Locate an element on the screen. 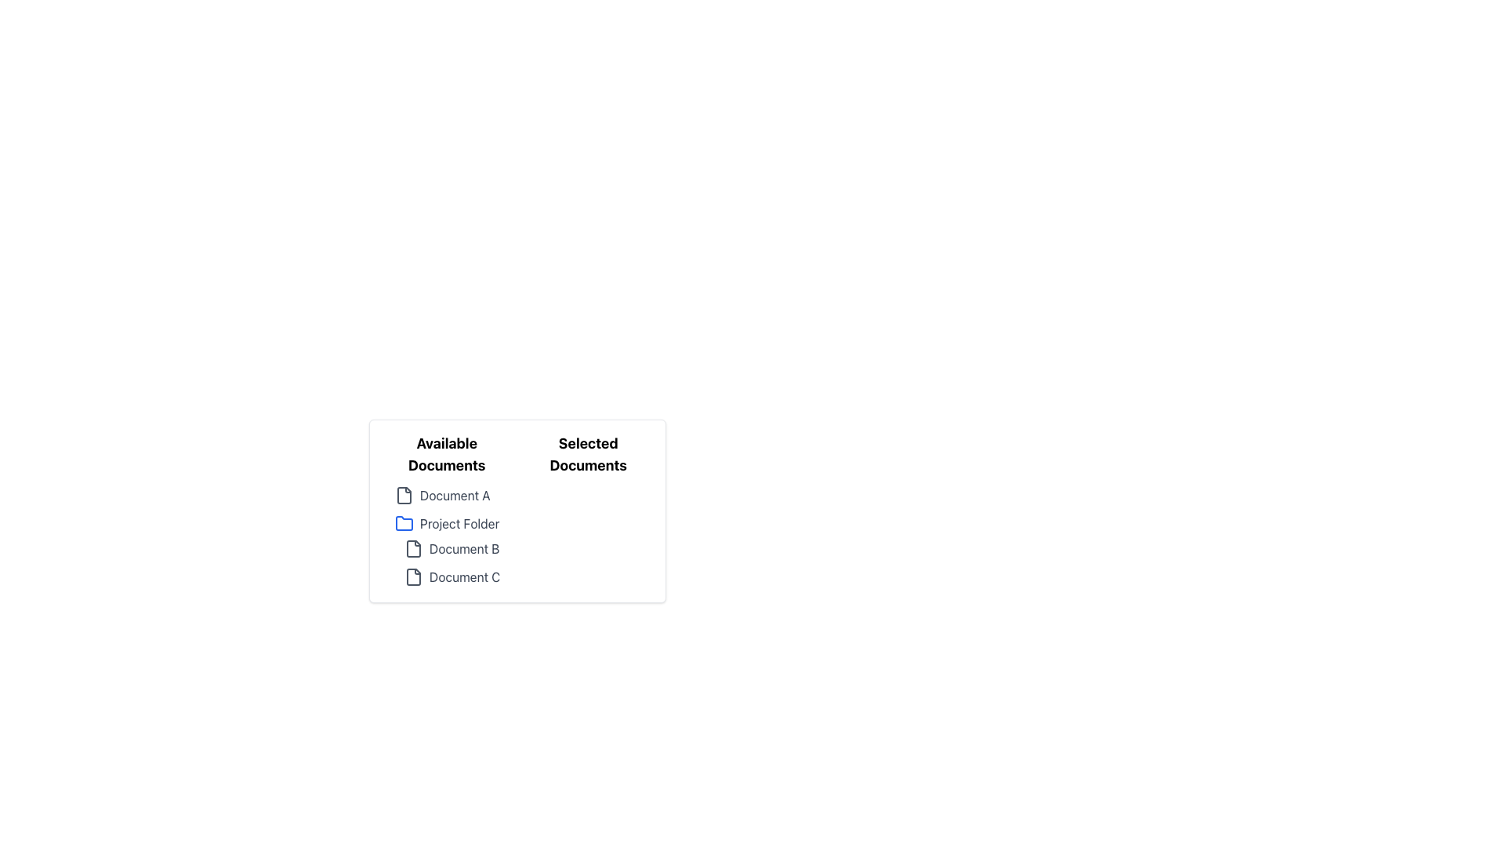  the file icon, which is gray and outlined, located to the left of the text 'Document B' is located at coordinates (414, 547).